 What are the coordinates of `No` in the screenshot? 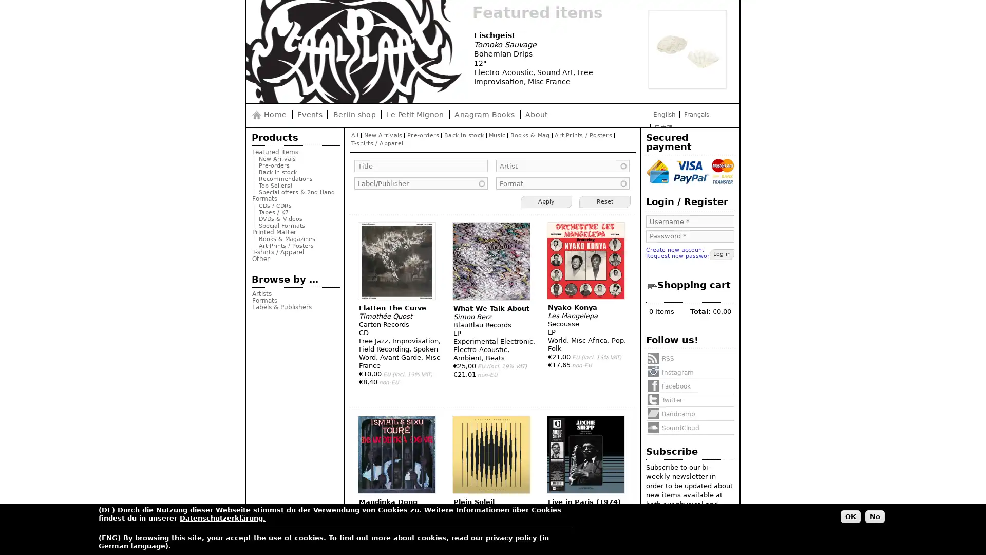 It's located at (875, 516).